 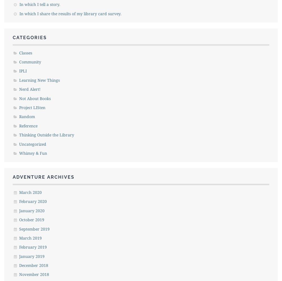 I want to click on 'Categories', so click(x=29, y=37).